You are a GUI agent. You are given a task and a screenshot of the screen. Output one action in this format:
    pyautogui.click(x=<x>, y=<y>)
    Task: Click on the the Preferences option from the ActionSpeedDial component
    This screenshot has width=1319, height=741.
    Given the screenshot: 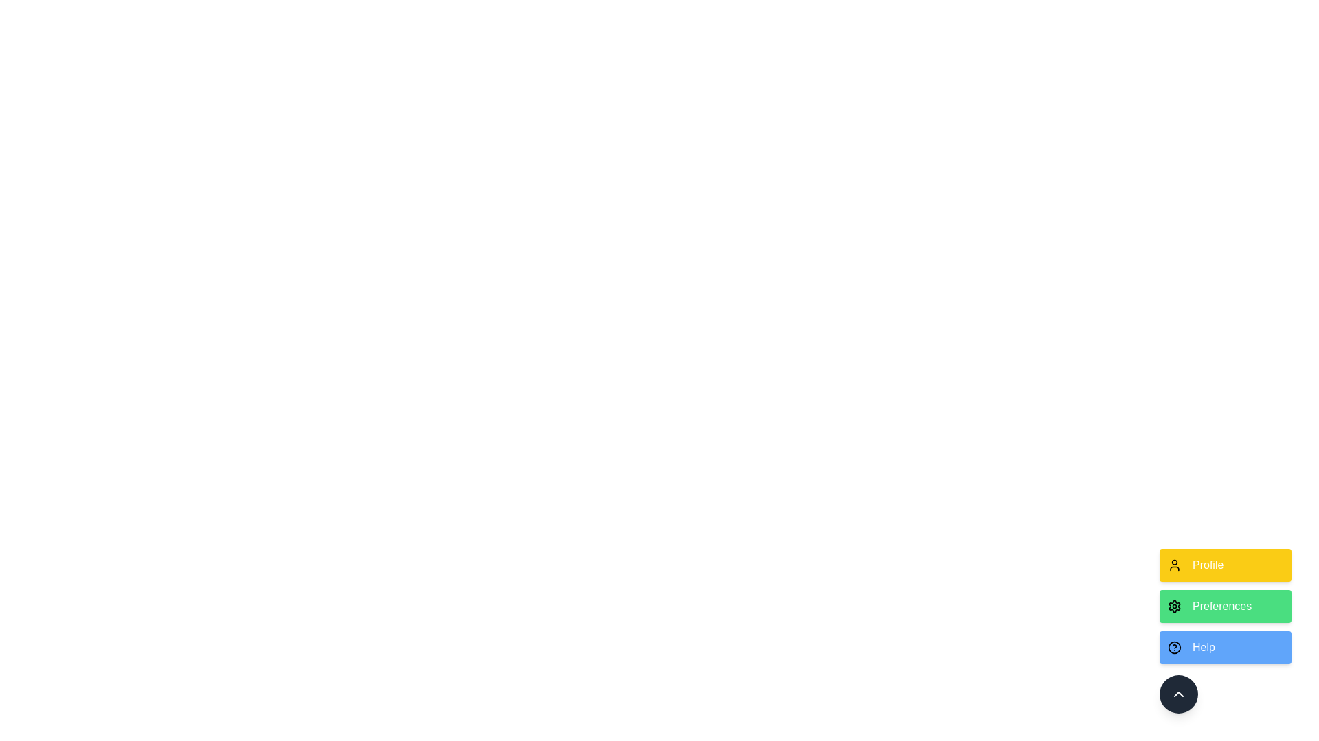 What is the action you would take?
    pyautogui.click(x=1226, y=605)
    